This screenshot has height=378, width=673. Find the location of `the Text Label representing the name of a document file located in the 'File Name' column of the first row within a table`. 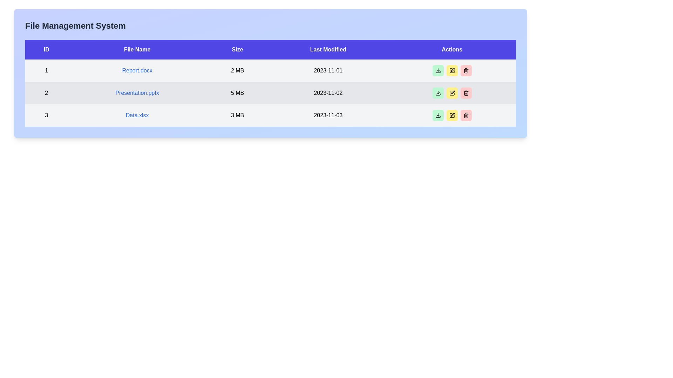

the Text Label representing the name of a document file located in the 'File Name' column of the first row within a table is located at coordinates (137, 70).